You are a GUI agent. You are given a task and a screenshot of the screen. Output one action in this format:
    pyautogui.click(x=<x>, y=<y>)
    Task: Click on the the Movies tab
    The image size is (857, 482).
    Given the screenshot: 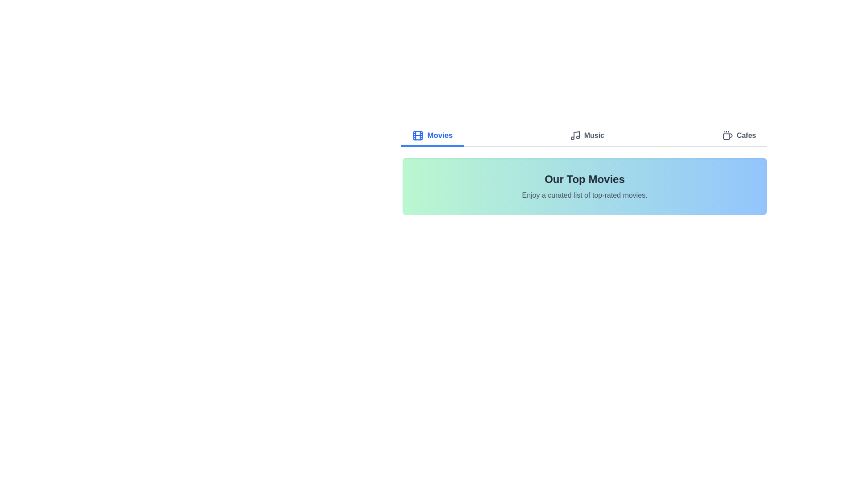 What is the action you would take?
    pyautogui.click(x=433, y=136)
    